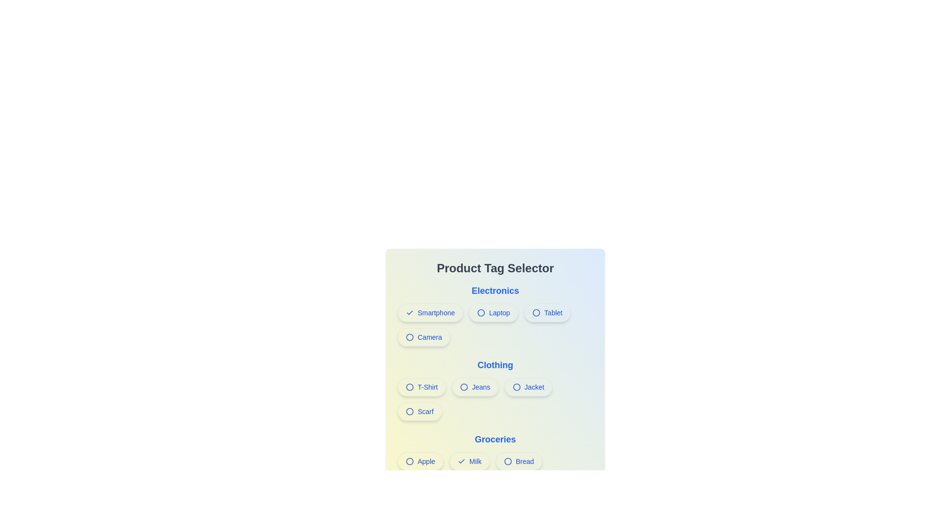  What do you see at coordinates (469, 462) in the screenshot?
I see `the Selectable button for tagging 'Milk' in the grocery list` at bounding box center [469, 462].